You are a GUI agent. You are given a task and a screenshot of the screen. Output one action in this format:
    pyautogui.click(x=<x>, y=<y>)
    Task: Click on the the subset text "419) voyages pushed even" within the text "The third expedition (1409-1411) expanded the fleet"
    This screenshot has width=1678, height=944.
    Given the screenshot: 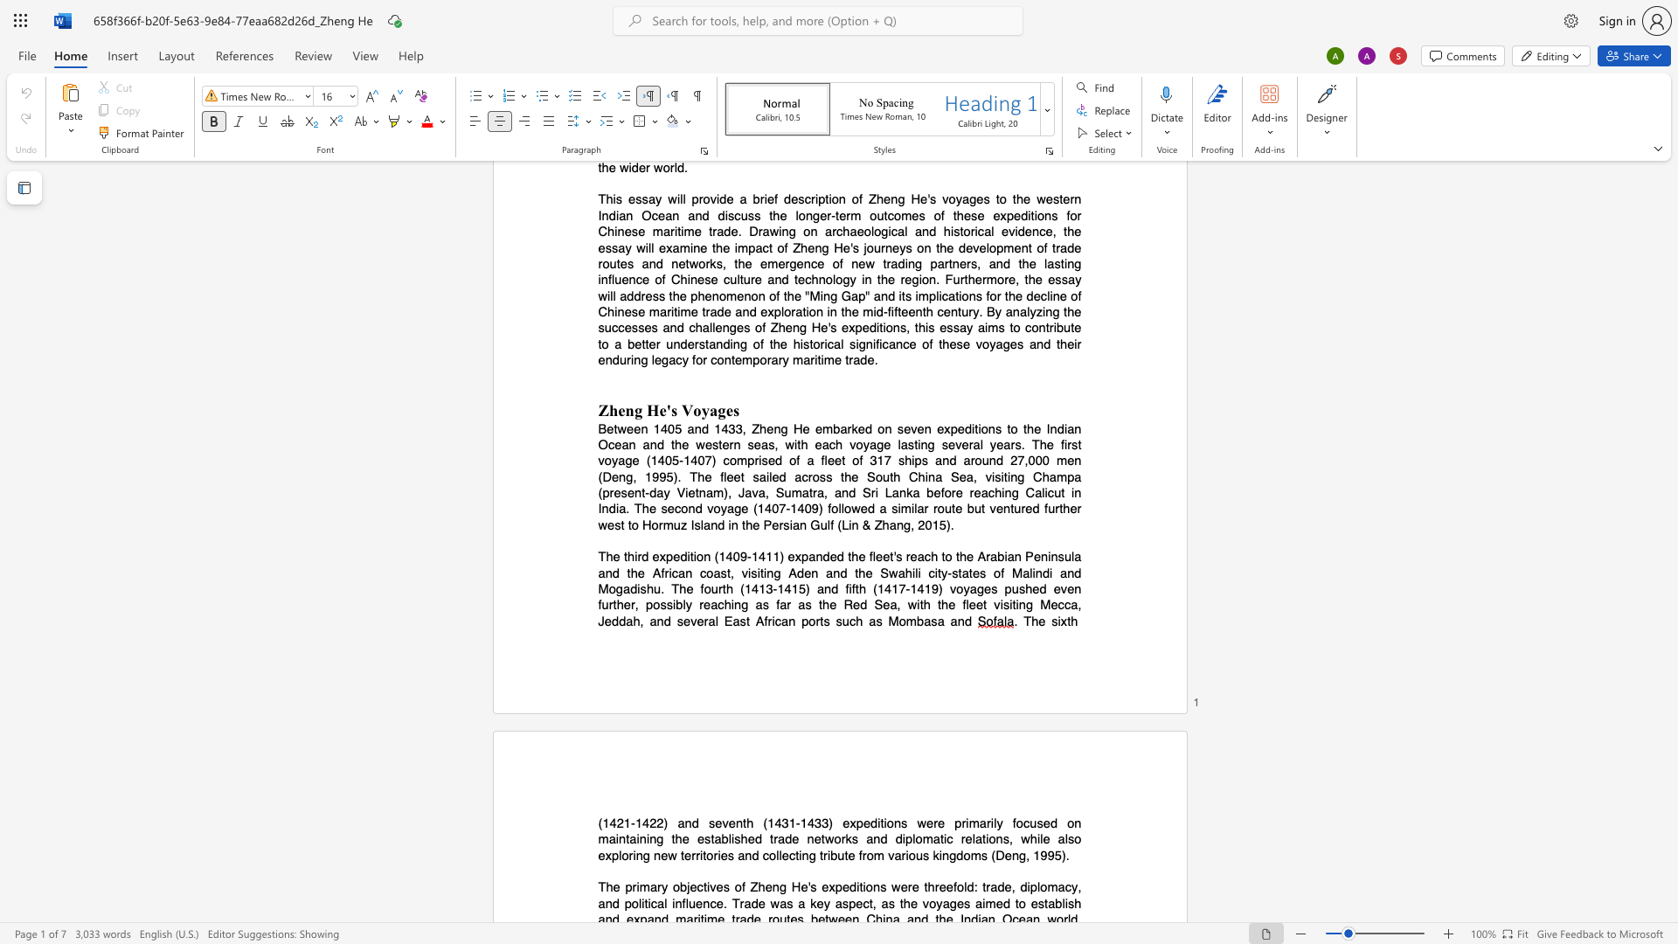 What is the action you would take?
    pyautogui.click(x=916, y=589)
    